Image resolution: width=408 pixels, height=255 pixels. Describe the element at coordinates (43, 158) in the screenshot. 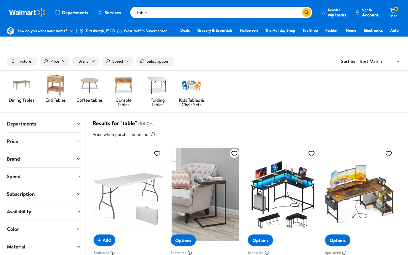

I see `the first brand in the expand brand drop-down` at that location.